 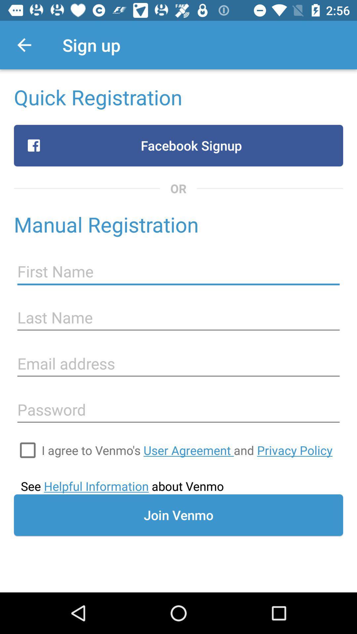 I want to click on password, so click(x=178, y=409).